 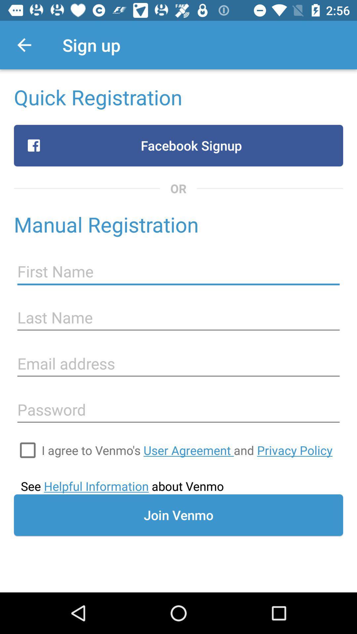 I want to click on password, so click(x=178, y=409).